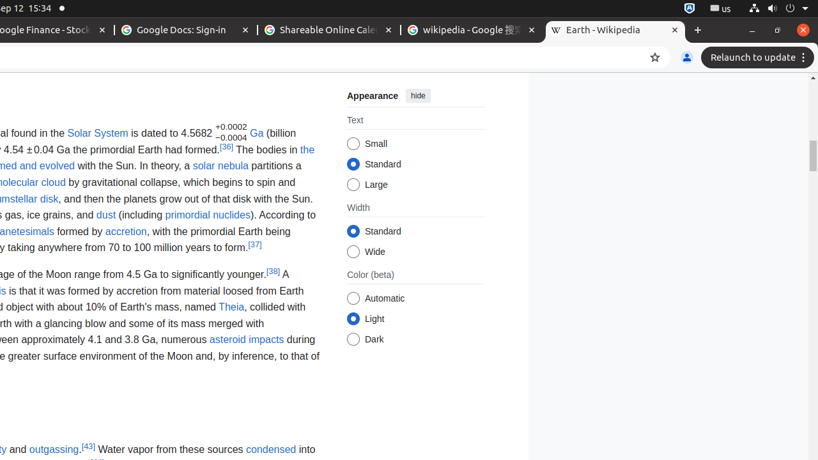 This screenshot has height=460, width=818. Describe the element at coordinates (353, 339) in the screenshot. I see `'Dark'` at that location.